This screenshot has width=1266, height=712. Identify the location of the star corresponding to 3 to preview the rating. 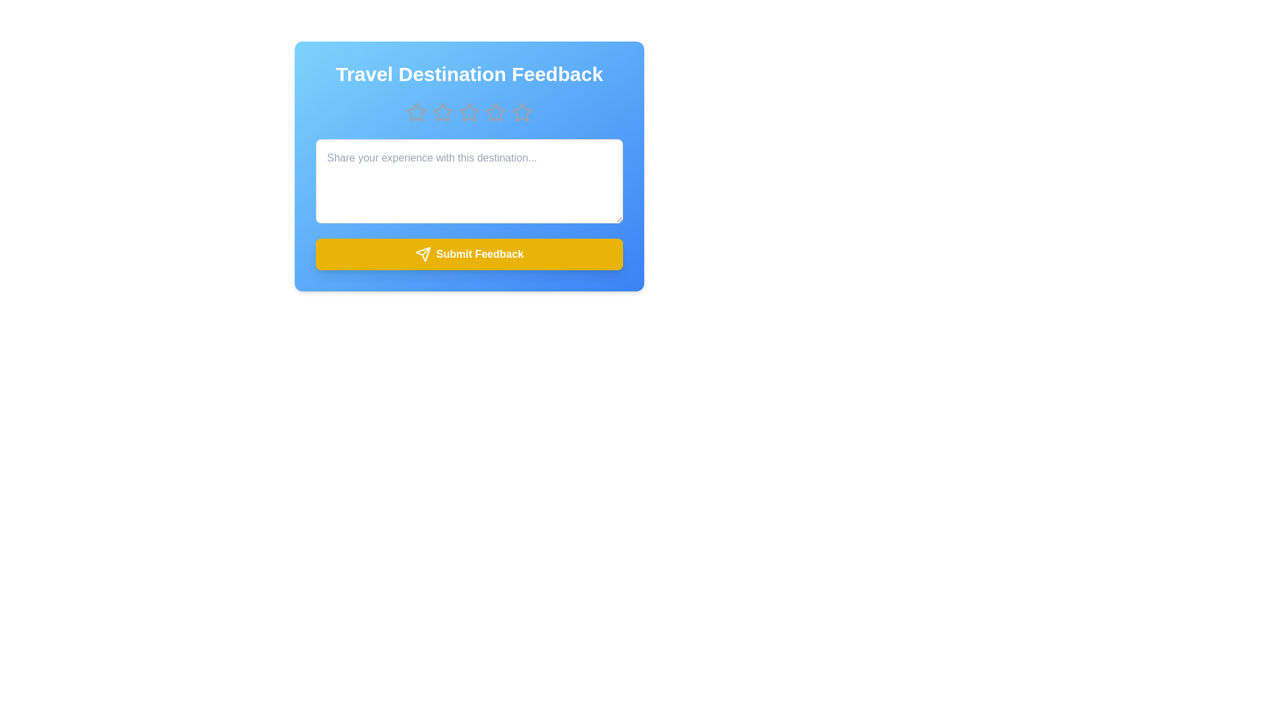
(469, 111).